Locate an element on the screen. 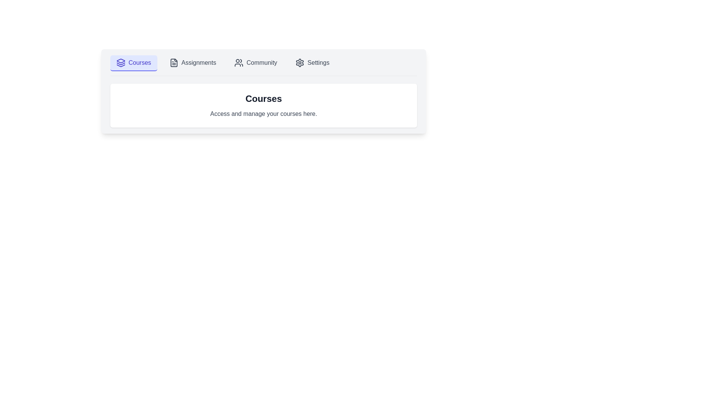  the 'Courses' tab or navigation button, which is the first item in a horizontal menu bar, displaying a highlighted background and bordered design is located at coordinates (133, 62).